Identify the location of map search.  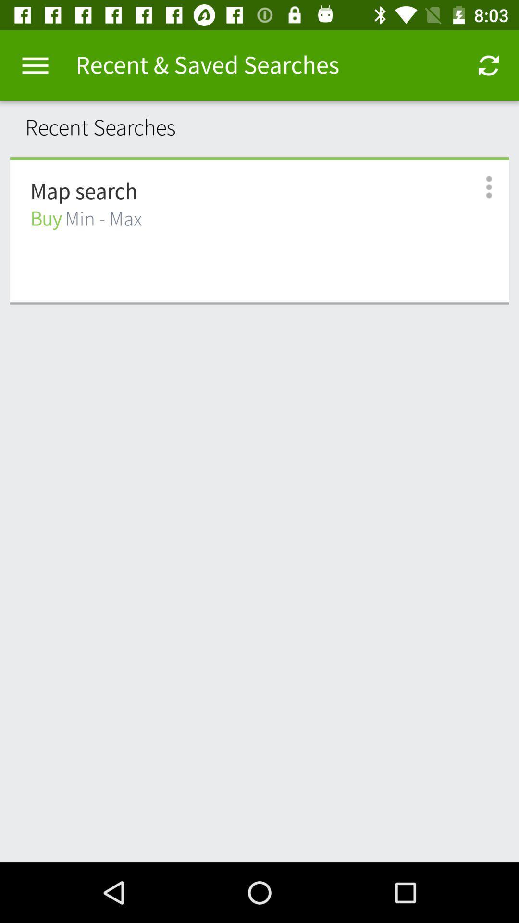
(83, 192).